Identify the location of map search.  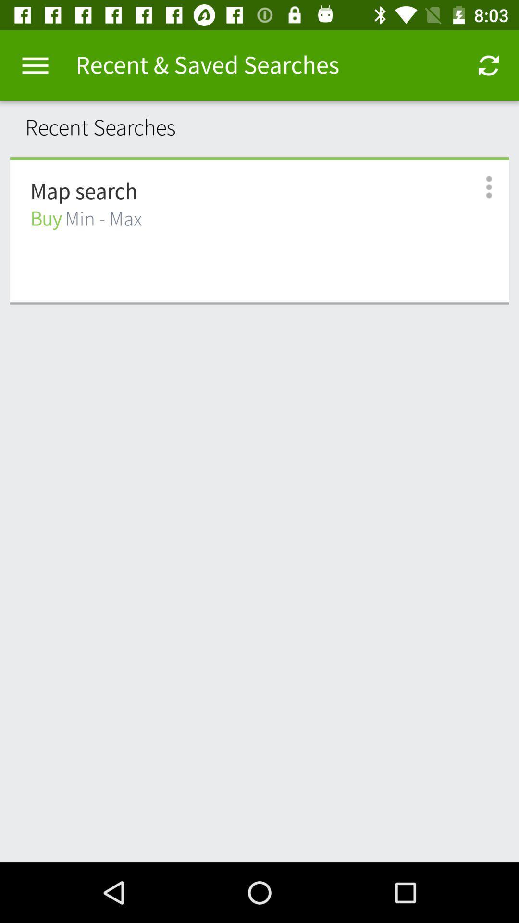
(83, 192).